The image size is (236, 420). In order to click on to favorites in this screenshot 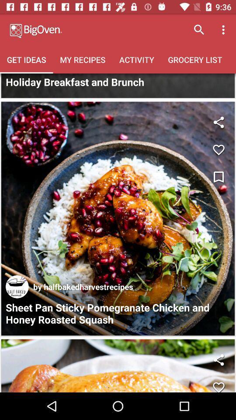, I will do `click(218, 384)`.